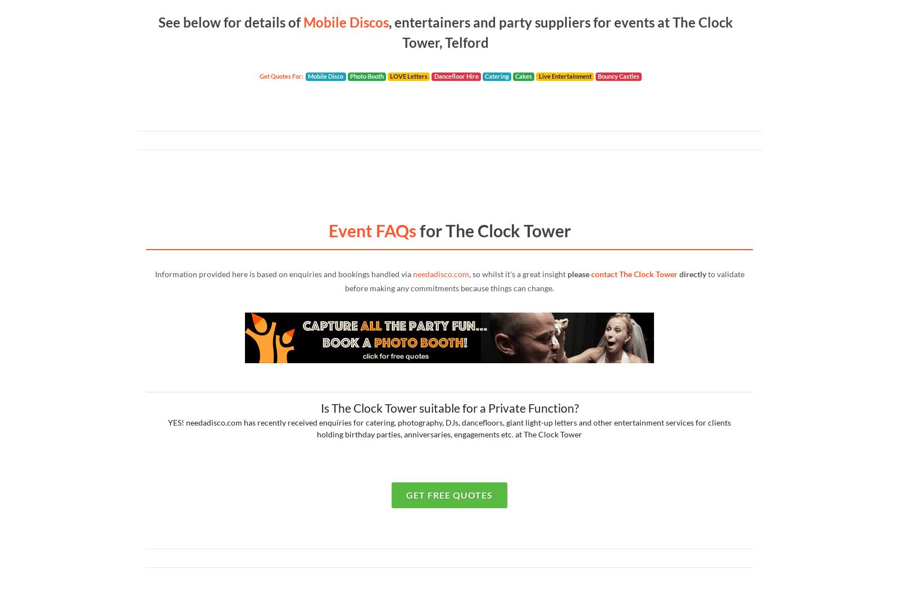 This screenshot has width=899, height=592. What do you see at coordinates (194, 62) in the screenshot?
I see `'The Plough Inn'` at bounding box center [194, 62].